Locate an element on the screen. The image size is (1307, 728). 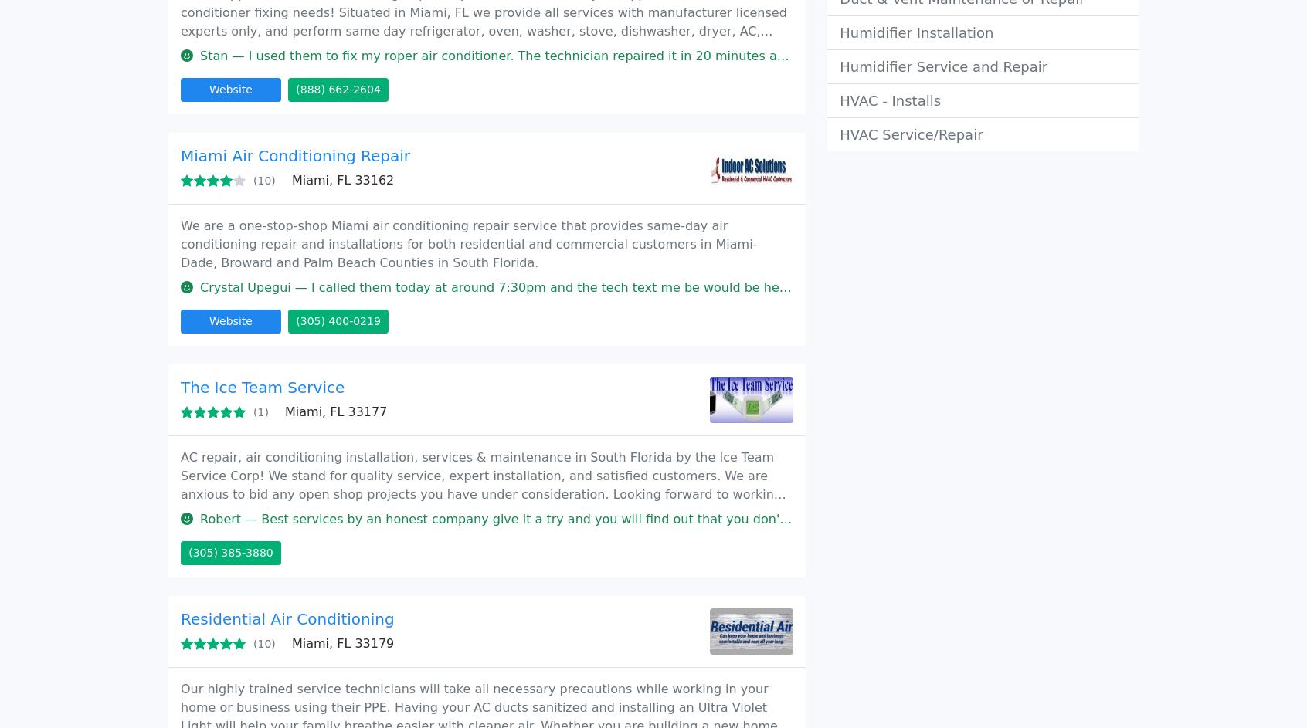
'Get free quotes' is located at coordinates (880, 143).